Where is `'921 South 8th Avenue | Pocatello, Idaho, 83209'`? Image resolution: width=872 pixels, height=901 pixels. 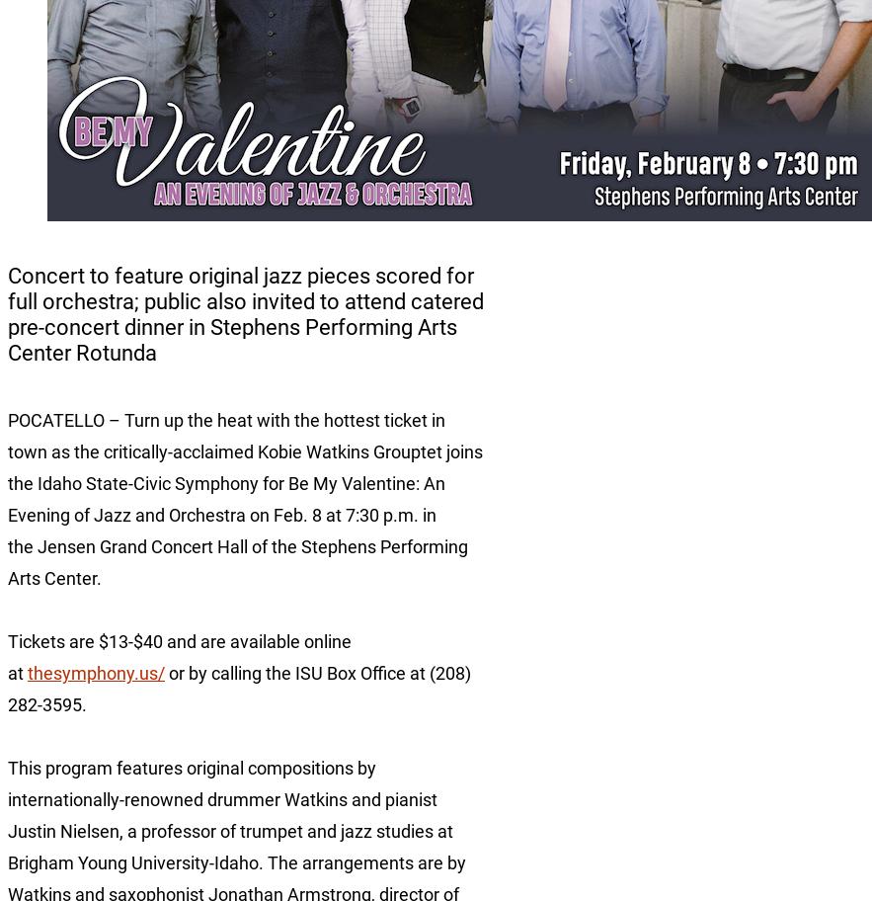 '921 South 8th Avenue | Pocatello, Idaho, 83209' is located at coordinates (8, 840).